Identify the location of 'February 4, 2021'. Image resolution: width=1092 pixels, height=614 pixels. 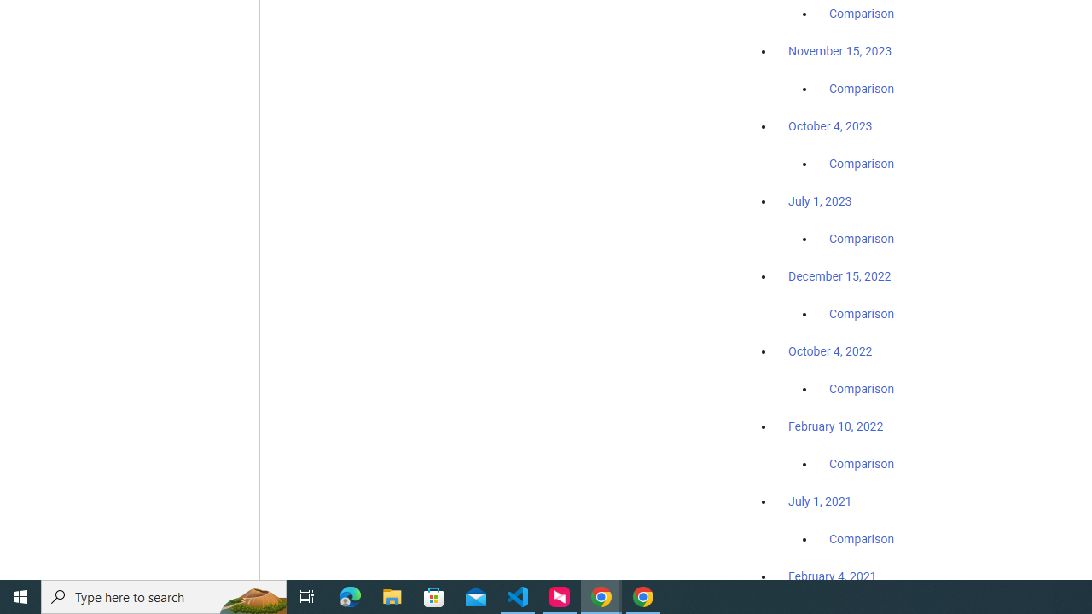
(833, 576).